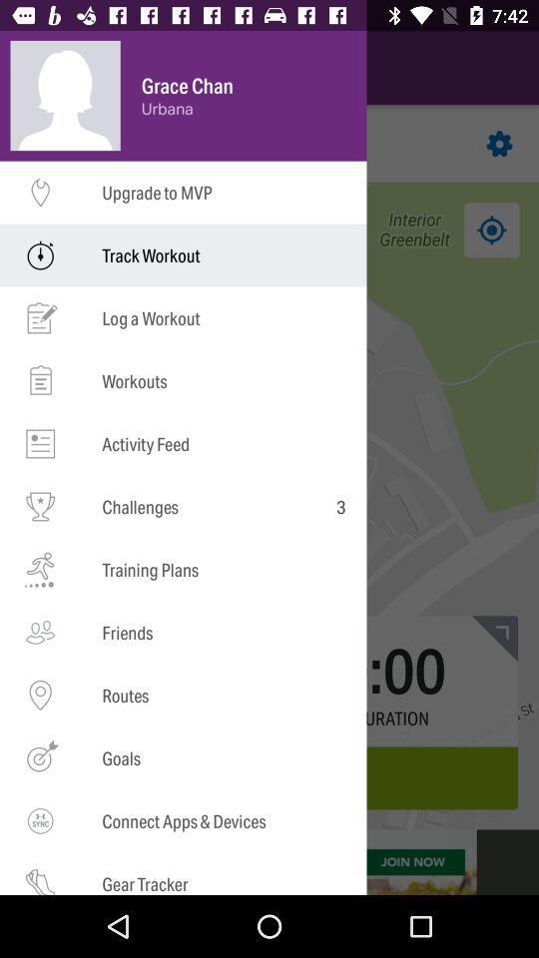 The height and width of the screenshot is (958, 539). What do you see at coordinates (40, 570) in the screenshot?
I see `the symbol beside training plans` at bounding box center [40, 570].